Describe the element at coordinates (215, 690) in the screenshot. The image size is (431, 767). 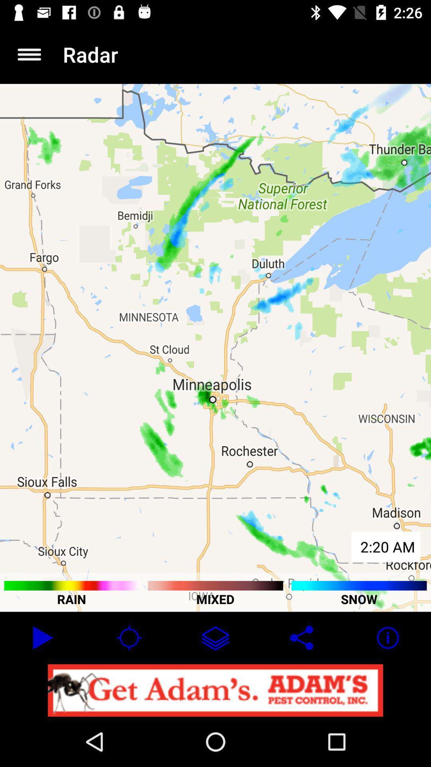
I see `open advertisement link` at that location.